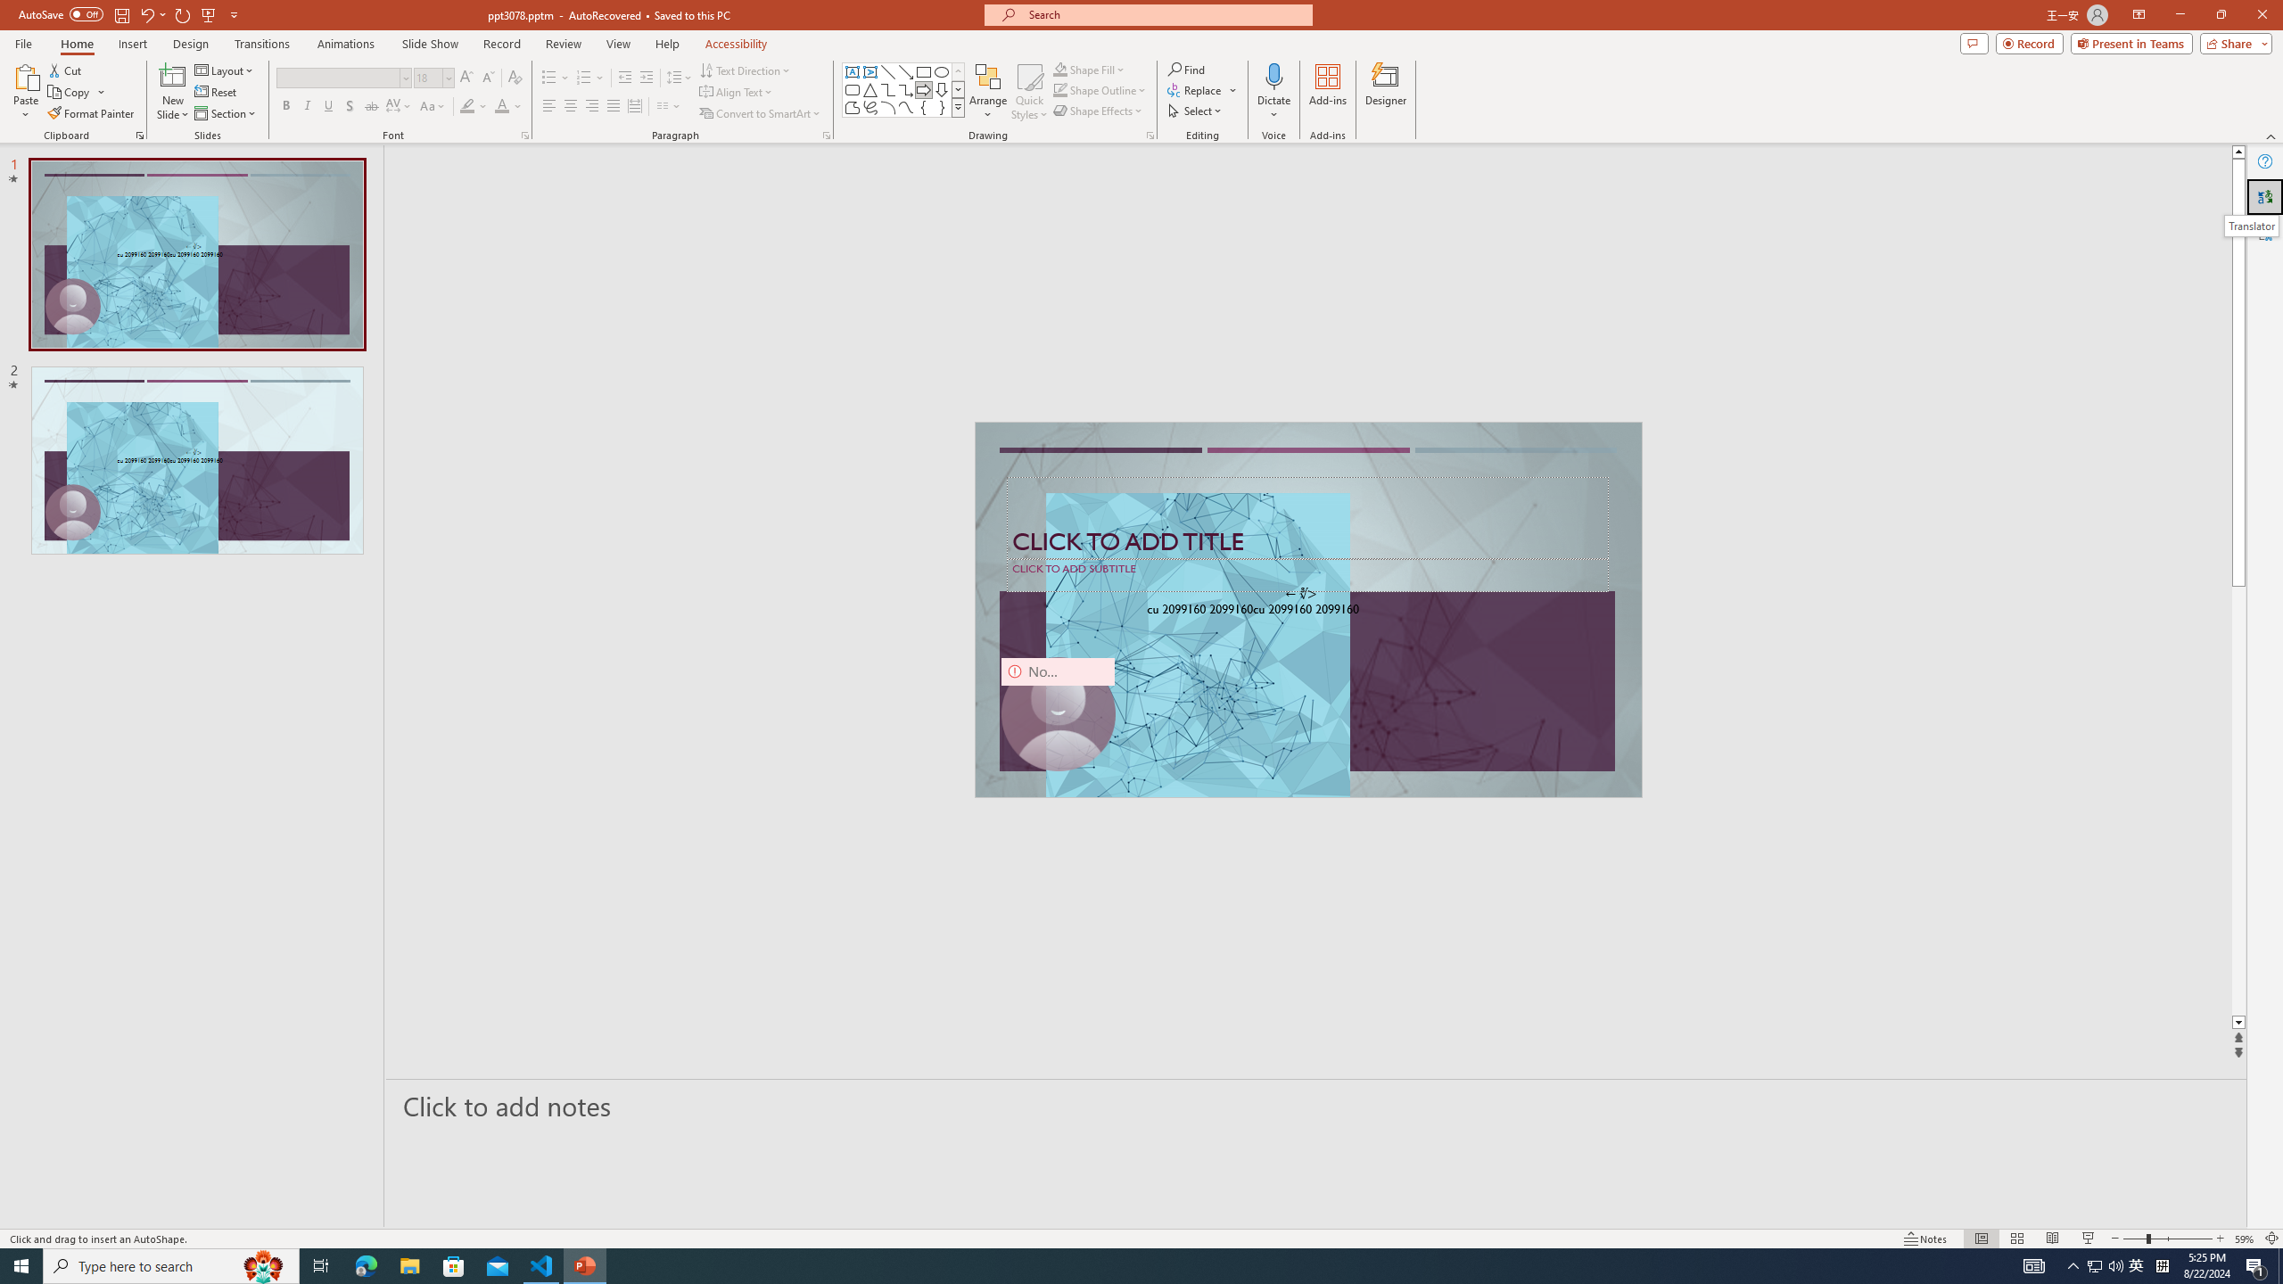 The width and height of the screenshot is (2283, 1284). I want to click on 'Subtitle TextBox', so click(1307, 574).